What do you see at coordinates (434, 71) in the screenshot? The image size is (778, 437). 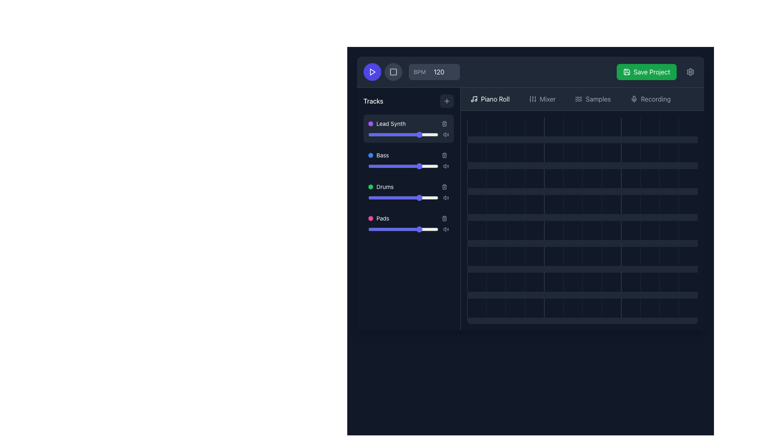 I see `the numeric input field of the Composite component that allows users` at bounding box center [434, 71].